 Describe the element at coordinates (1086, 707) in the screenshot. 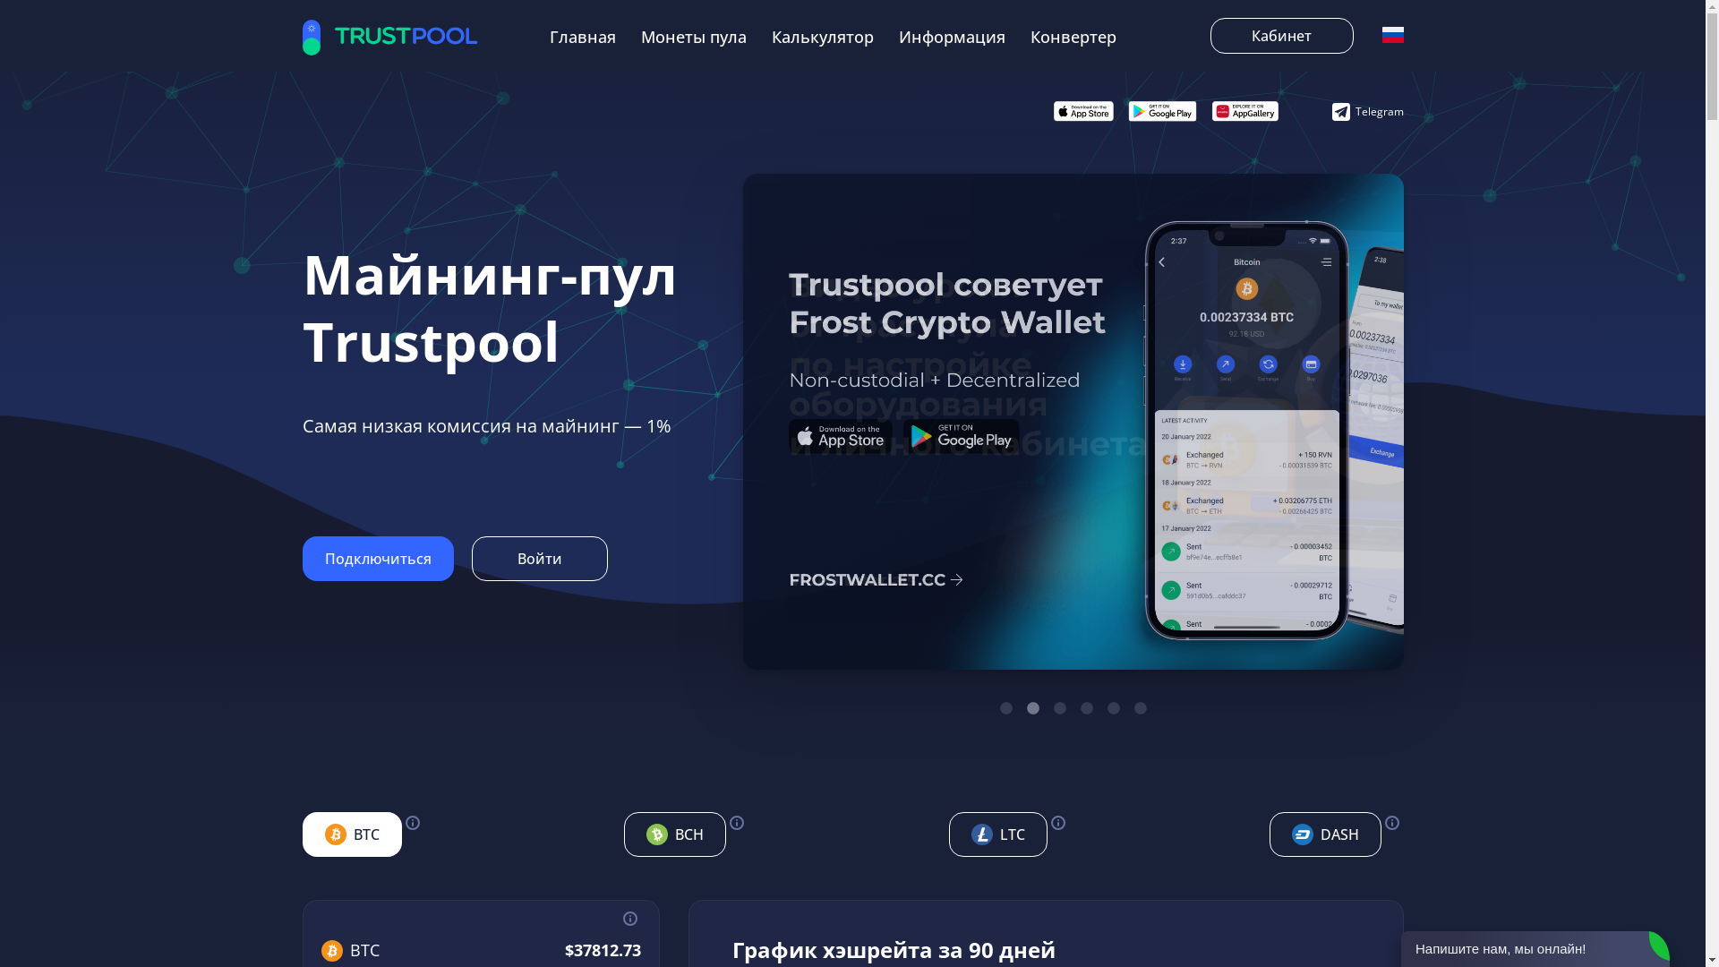

I see `'4'` at that location.